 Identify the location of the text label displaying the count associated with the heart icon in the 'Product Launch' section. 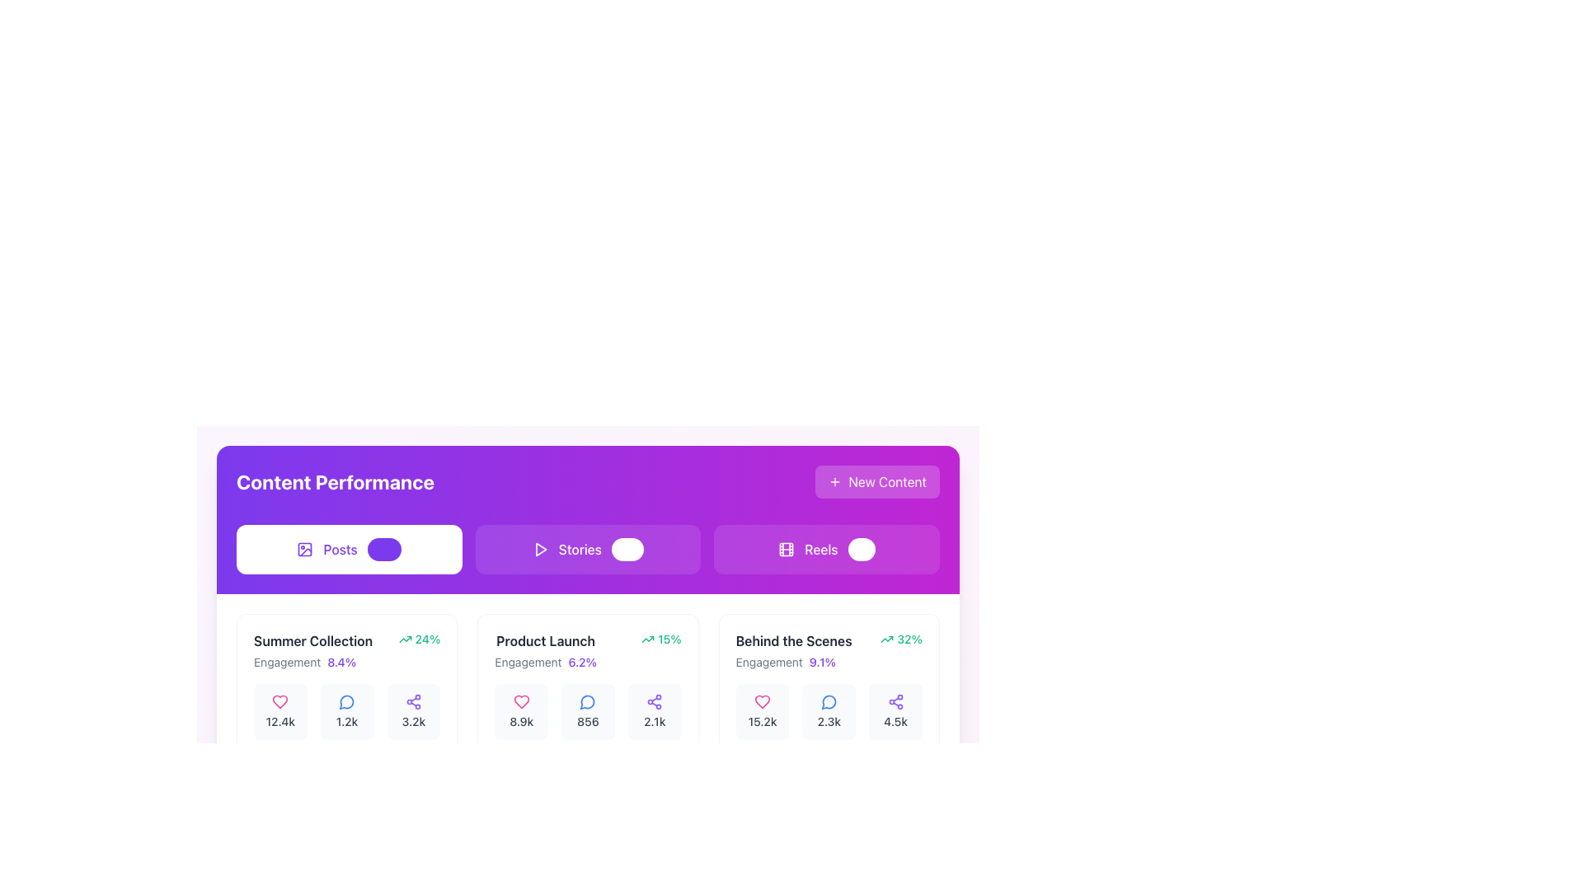
(520, 720).